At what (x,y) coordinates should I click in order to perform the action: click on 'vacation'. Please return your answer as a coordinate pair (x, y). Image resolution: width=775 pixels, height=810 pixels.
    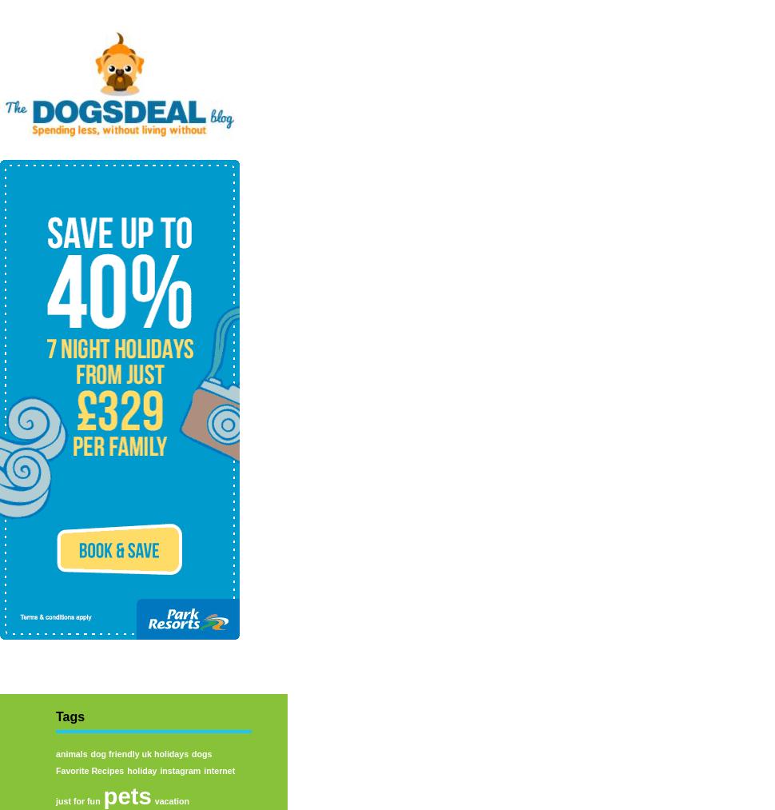
    Looking at the image, I should click on (171, 800).